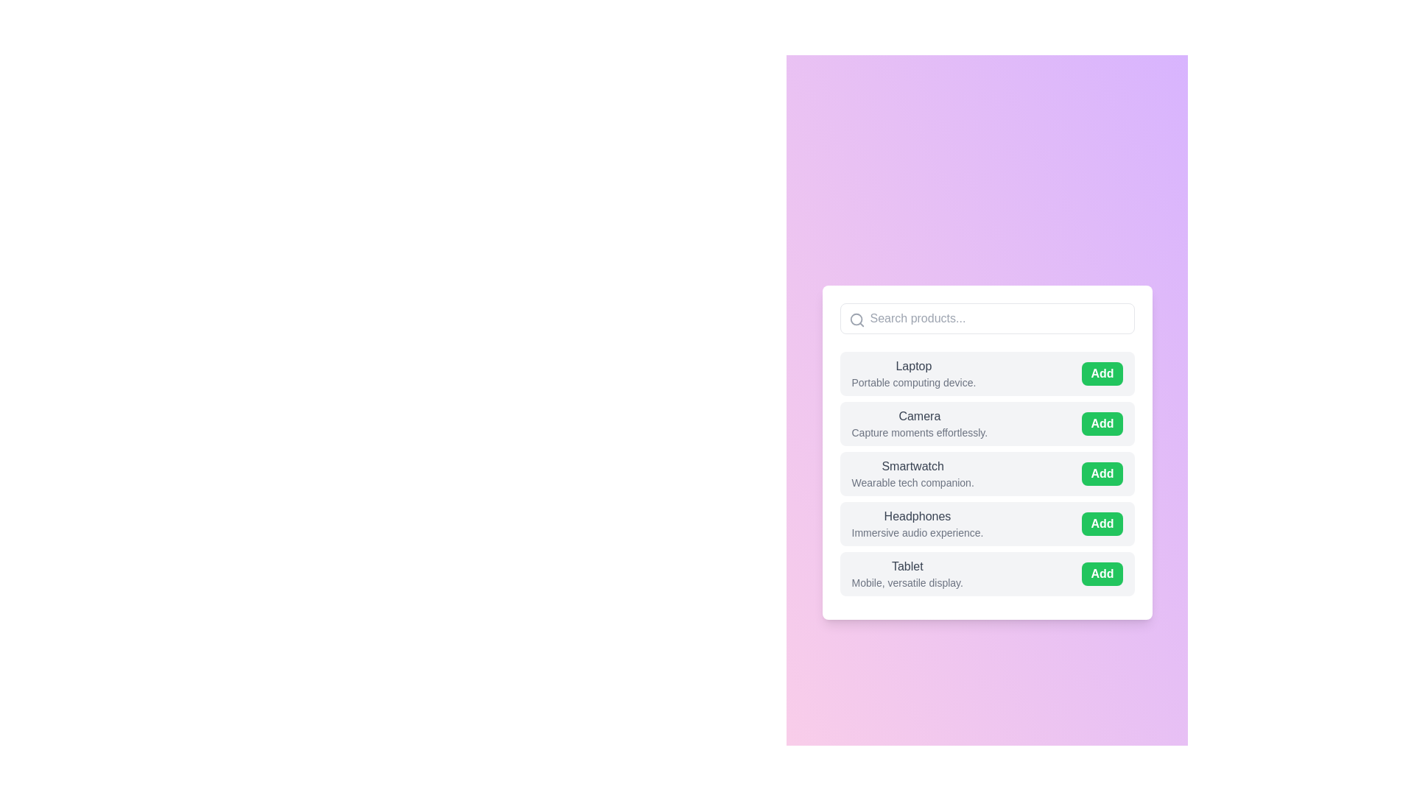 This screenshot has width=1414, height=795. Describe the element at coordinates (1102, 373) in the screenshot. I see `the button located on the far right of the row labeled 'LaptopPortable computing device.' This button is the only interactive element in its row and is used to add the item to a cart or selection list` at that location.